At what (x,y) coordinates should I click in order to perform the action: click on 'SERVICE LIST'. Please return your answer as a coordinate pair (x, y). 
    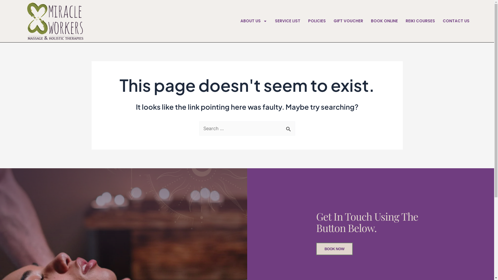
    Looking at the image, I should click on (287, 21).